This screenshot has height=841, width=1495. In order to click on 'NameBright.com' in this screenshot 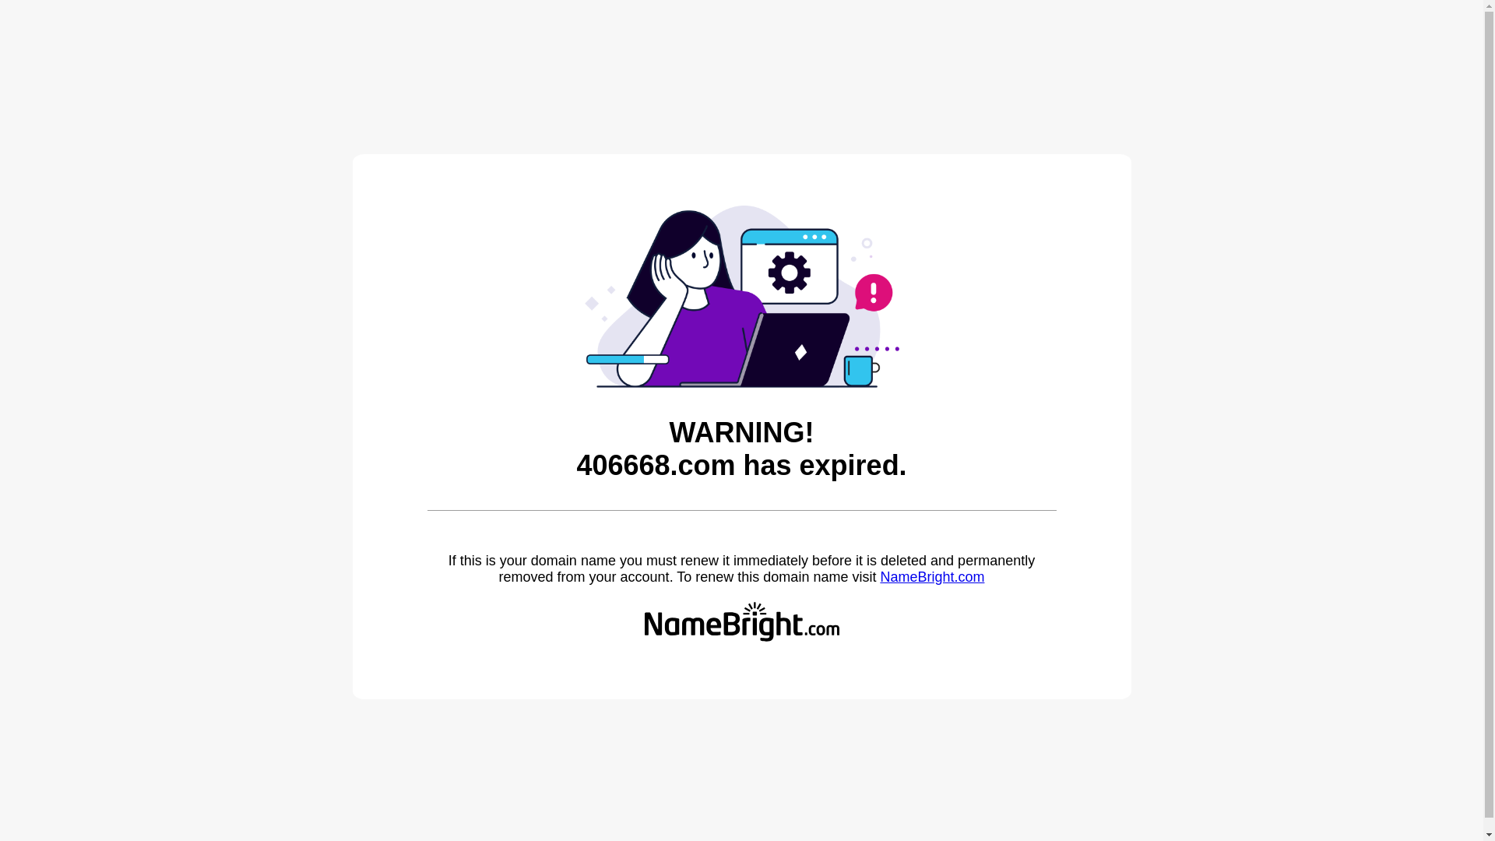, I will do `click(931, 576)`.